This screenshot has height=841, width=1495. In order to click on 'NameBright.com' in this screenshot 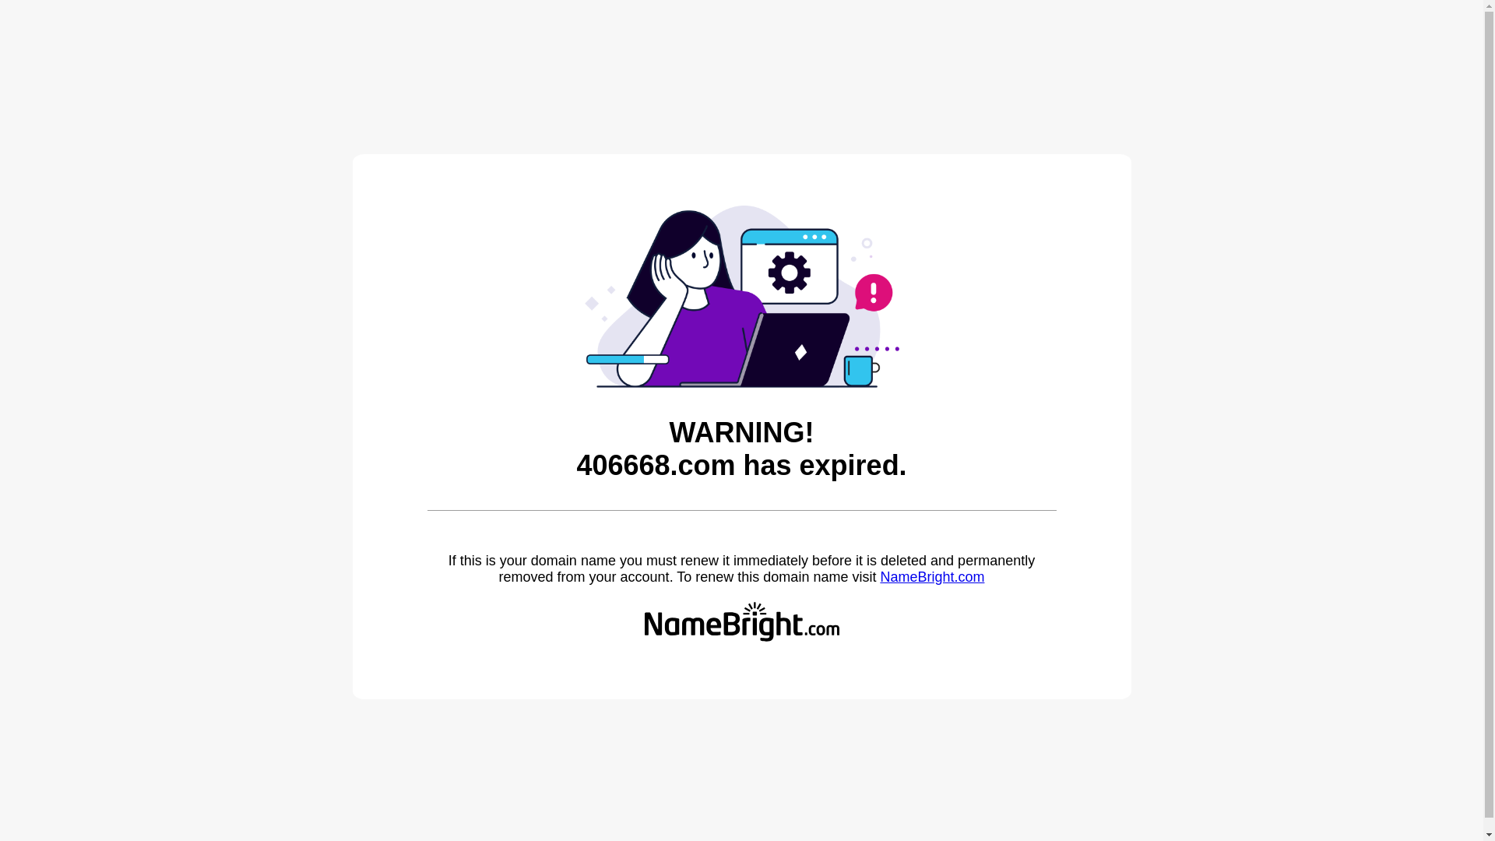, I will do `click(931, 576)`.